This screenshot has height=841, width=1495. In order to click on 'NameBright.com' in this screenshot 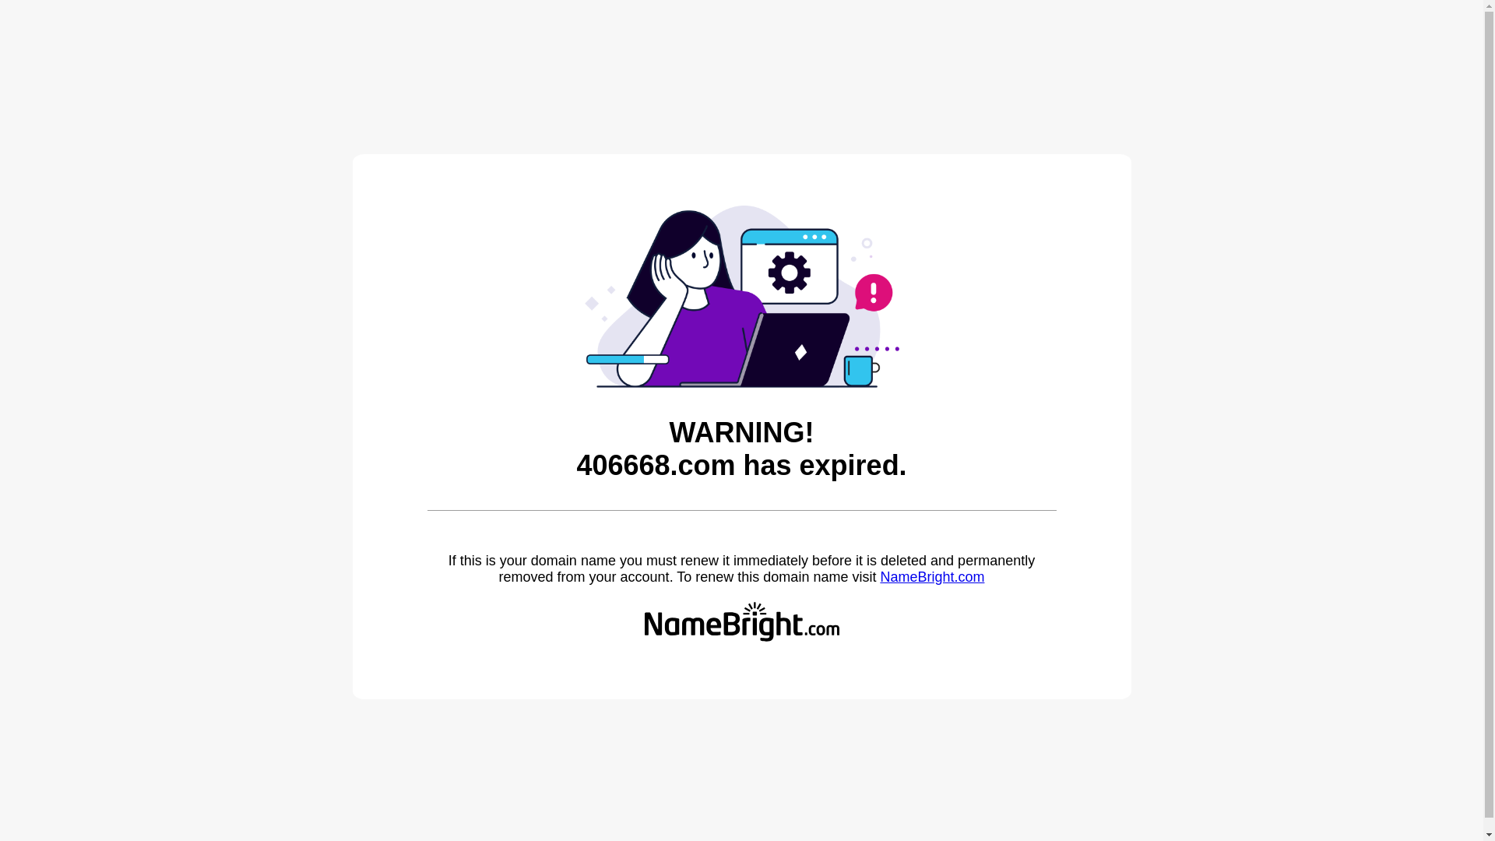, I will do `click(931, 576)`.